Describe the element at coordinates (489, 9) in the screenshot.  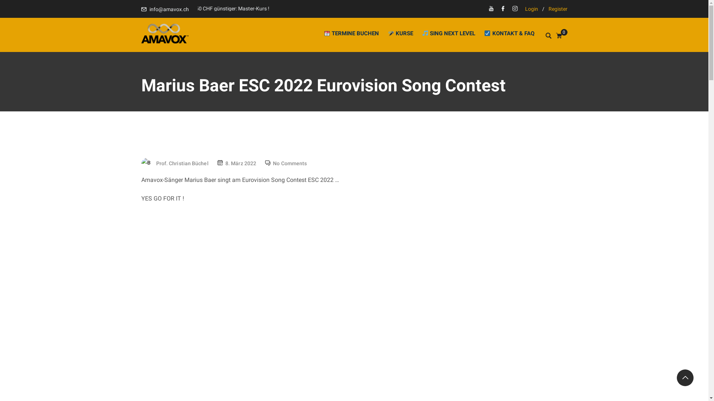
I see `'Youtube'` at that location.